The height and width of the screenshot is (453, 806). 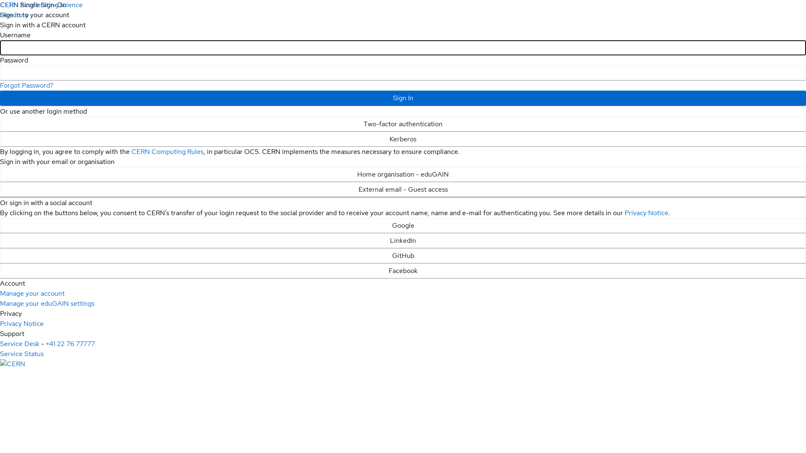 I want to click on 'Service Status', so click(x=22, y=354).